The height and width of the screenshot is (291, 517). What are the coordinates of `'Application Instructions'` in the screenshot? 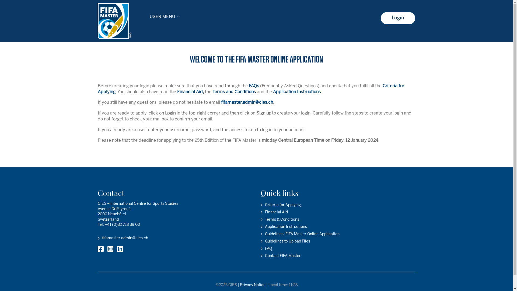 It's located at (261, 227).